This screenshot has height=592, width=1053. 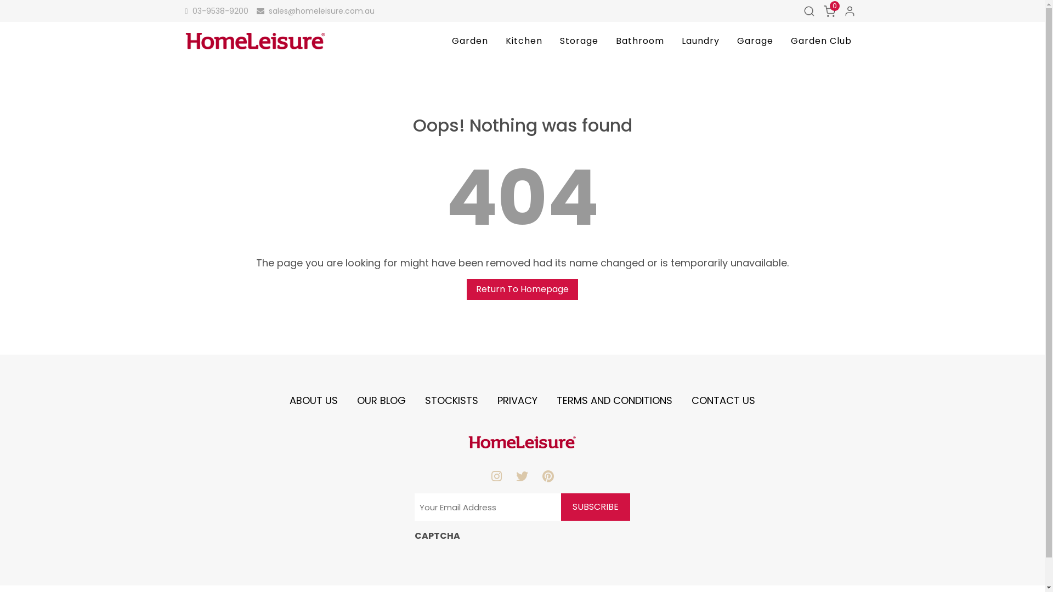 I want to click on 'Garage', so click(x=755, y=40).